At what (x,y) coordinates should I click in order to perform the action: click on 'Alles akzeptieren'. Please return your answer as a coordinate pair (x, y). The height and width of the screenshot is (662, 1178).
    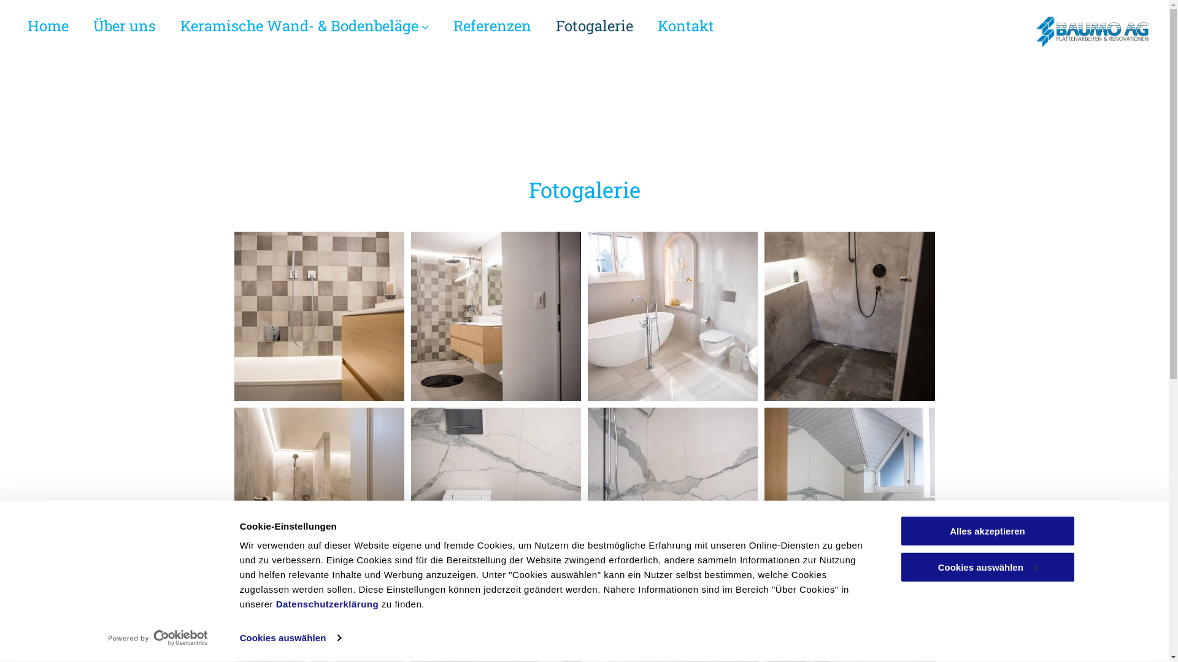
    Looking at the image, I should click on (987, 530).